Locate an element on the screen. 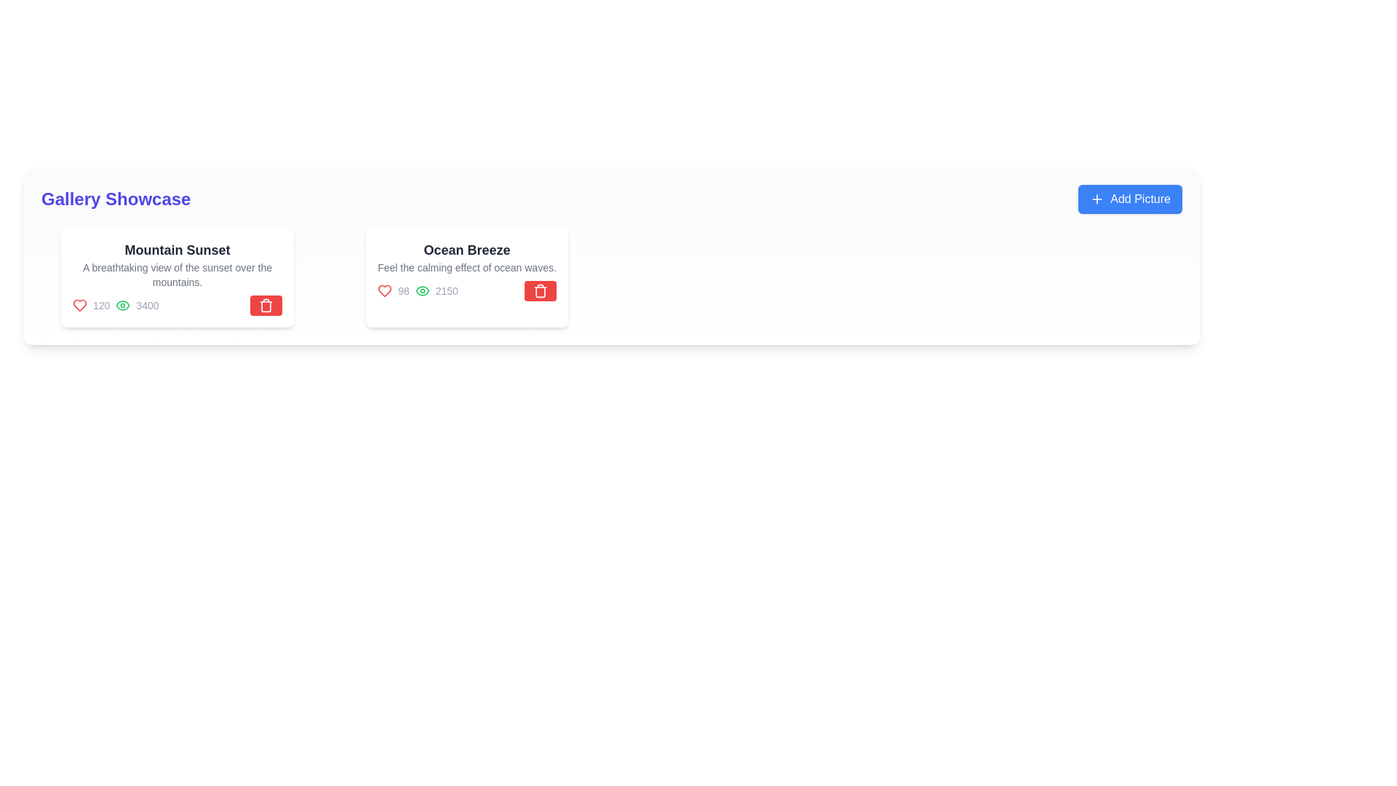 The height and width of the screenshot is (786, 1397). the static text that reads 'Feel the calming effect of ocean waves.' located below the title 'Ocean Breeze' within the gallery showcase panel is located at coordinates (467, 267).